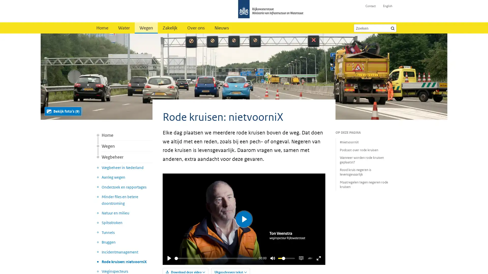 This screenshot has height=274, width=488. What do you see at coordinates (244, 219) in the screenshot?
I see `Afspelen` at bounding box center [244, 219].